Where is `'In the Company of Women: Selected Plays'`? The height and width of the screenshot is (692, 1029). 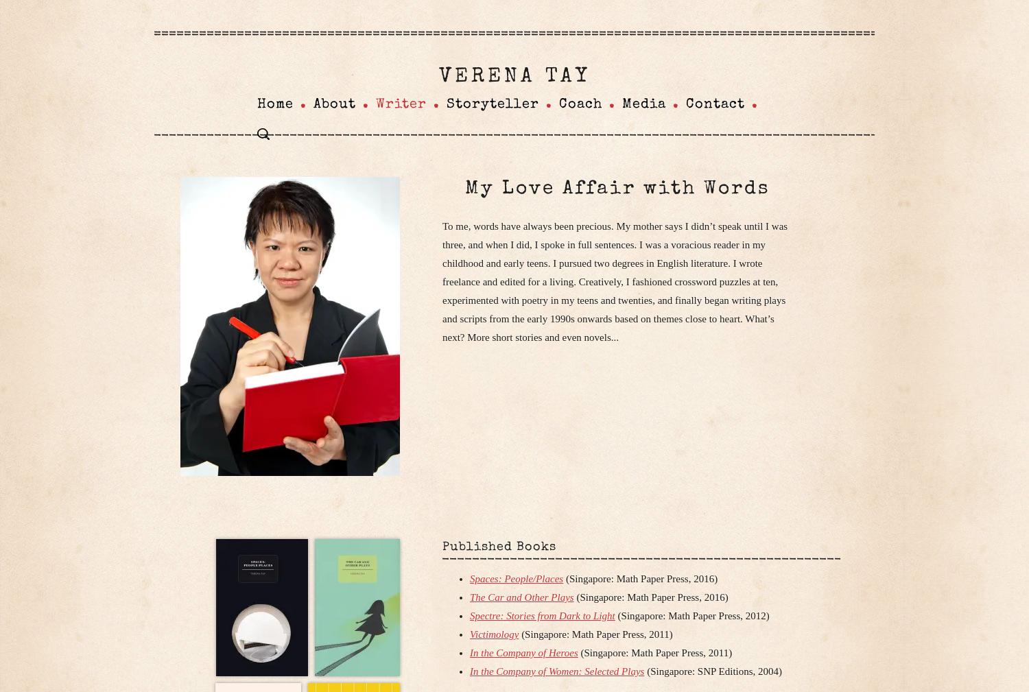
'In the Company of Women: Selected Plays' is located at coordinates (556, 671).